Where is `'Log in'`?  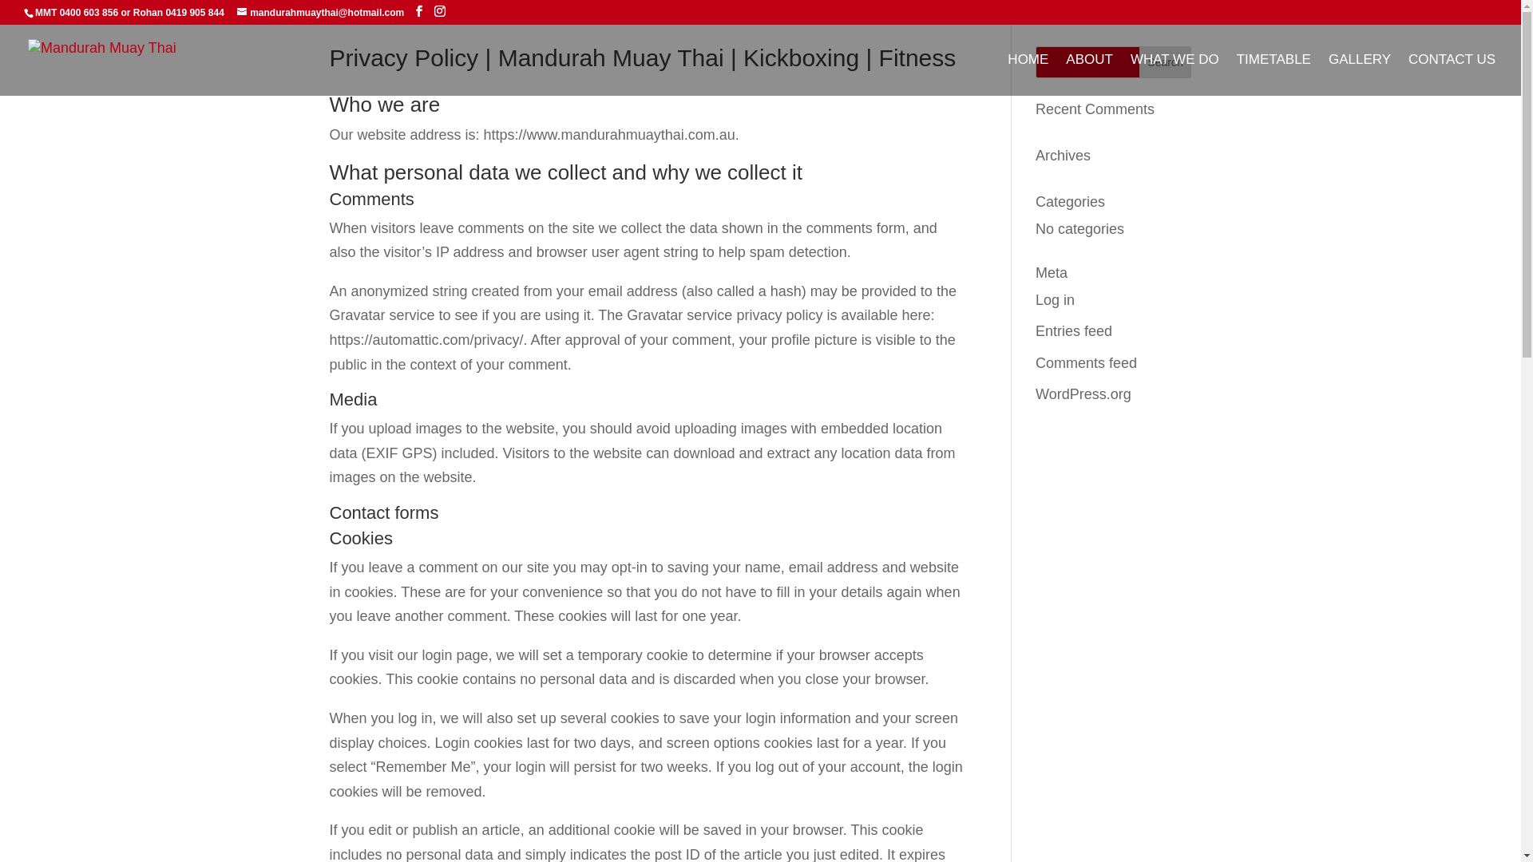 'Log in' is located at coordinates (1035, 299).